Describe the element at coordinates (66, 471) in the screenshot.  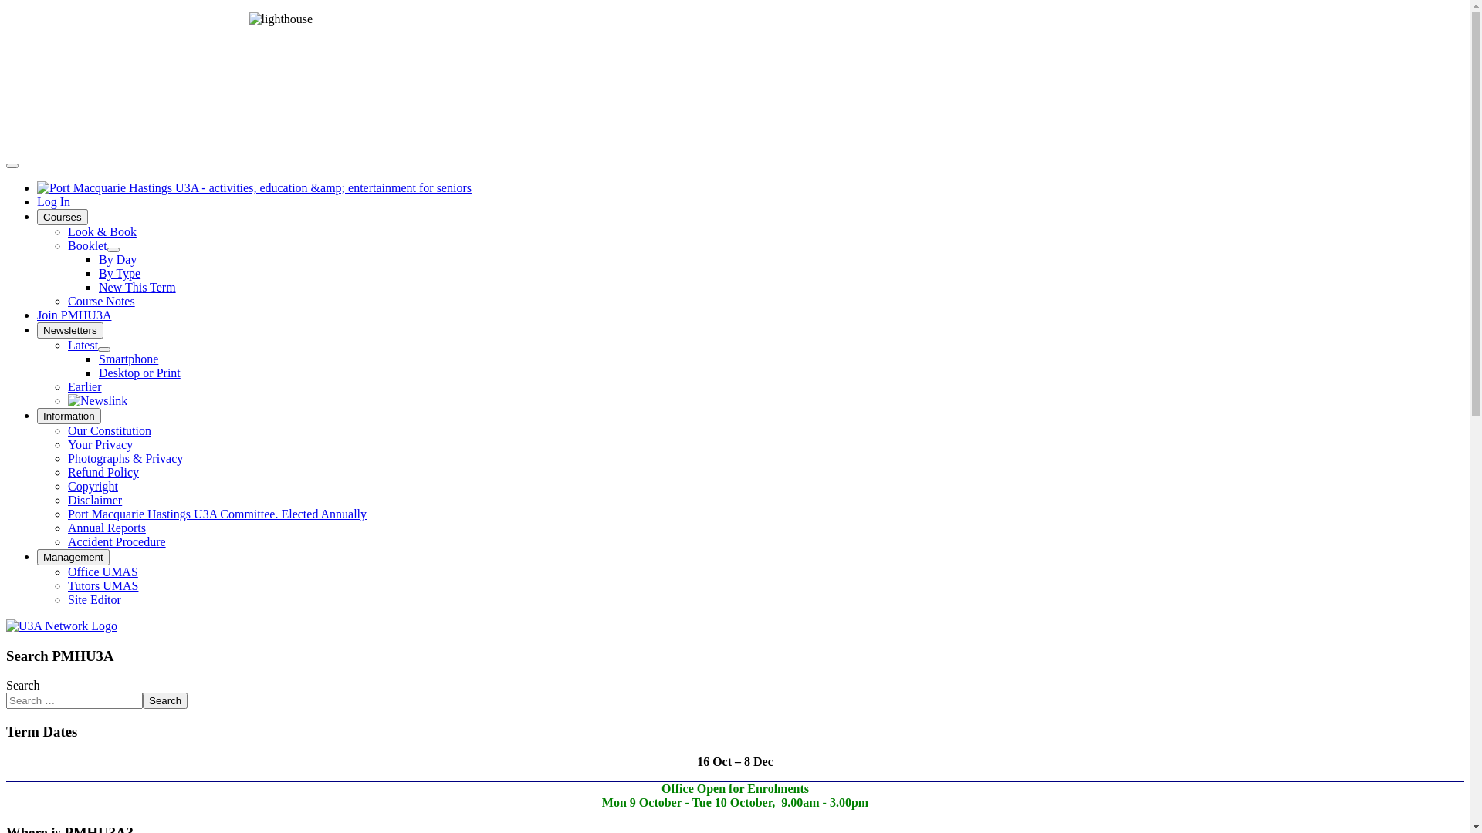
I see `'Refund Policy'` at that location.